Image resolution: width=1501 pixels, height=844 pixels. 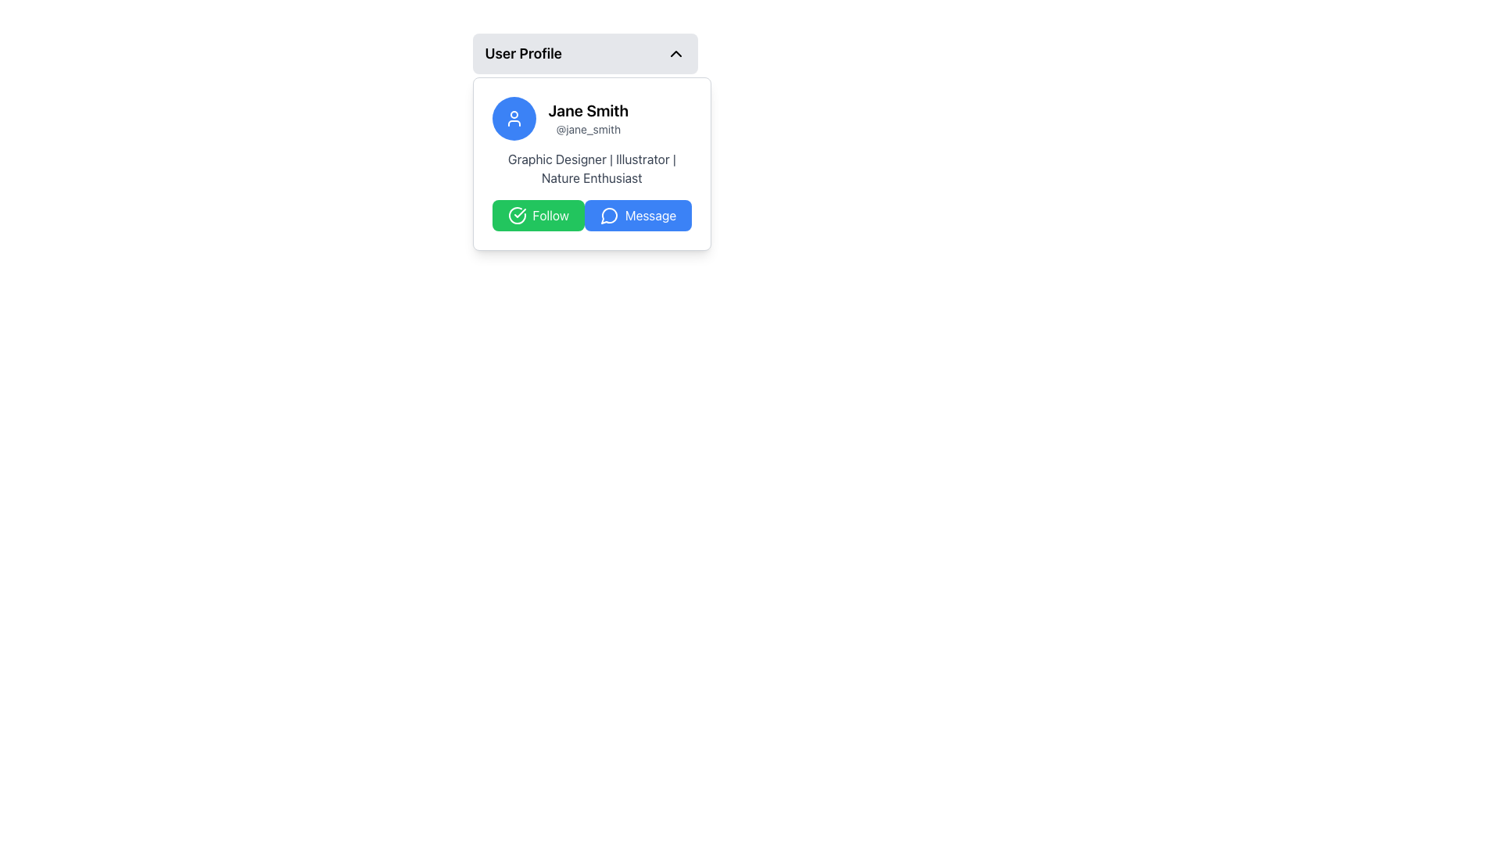 I want to click on the small circular speech bubble icon located to the left of the 'Message' button at the bottom right of the user's profile card, so click(x=608, y=216).